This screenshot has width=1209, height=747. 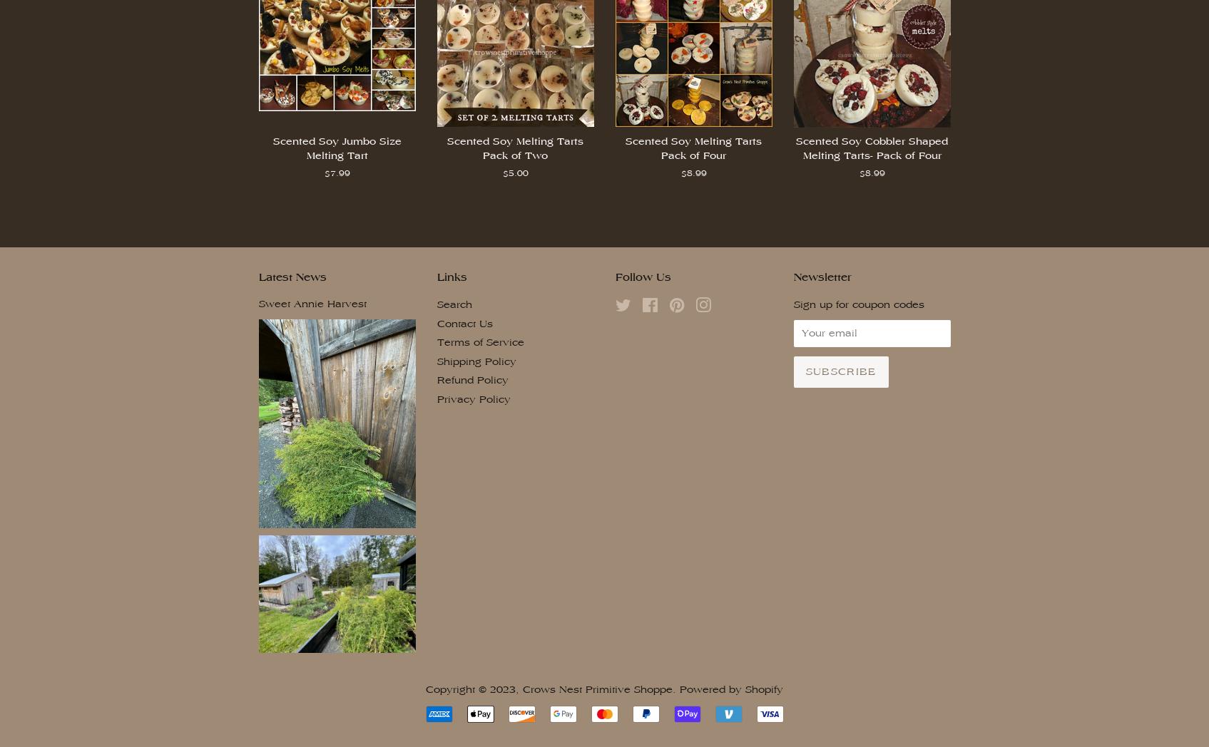 I want to click on 'Sweet Annie Harvest', so click(x=312, y=304).